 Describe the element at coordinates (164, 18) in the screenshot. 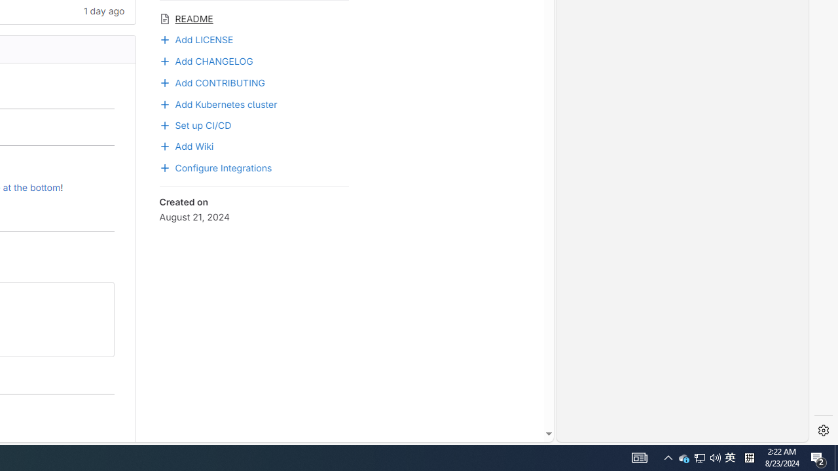

I see `'Class: s16 icon gl-mr-3 gl-text-gray-500'` at that location.